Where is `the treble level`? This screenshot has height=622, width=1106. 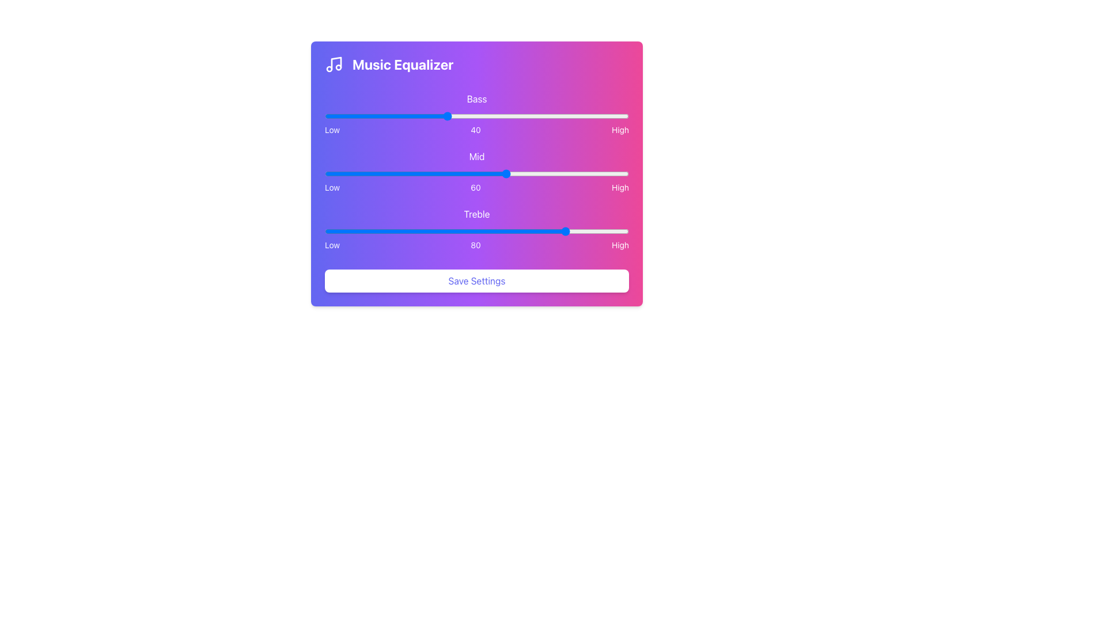
the treble level is located at coordinates (498, 231).